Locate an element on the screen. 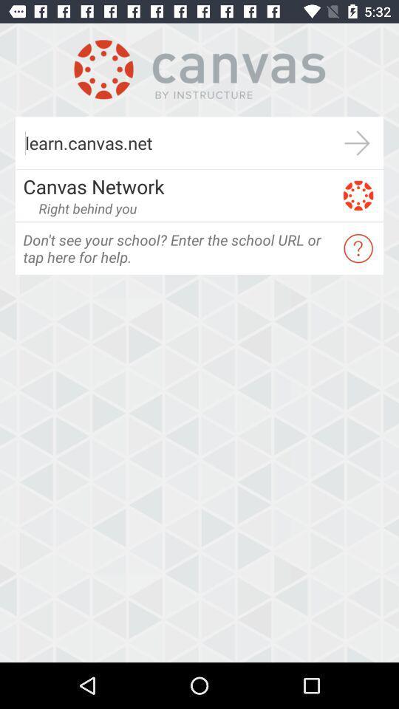 This screenshot has height=709, width=399. further details is located at coordinates (356, 143).